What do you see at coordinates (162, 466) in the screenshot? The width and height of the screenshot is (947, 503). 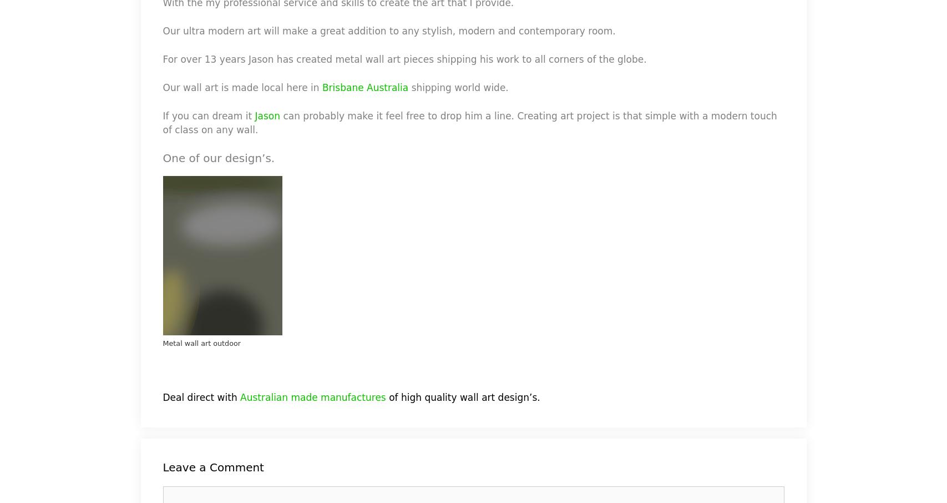 I see `'Leave a Comment'` at bounding box center [162, 466].